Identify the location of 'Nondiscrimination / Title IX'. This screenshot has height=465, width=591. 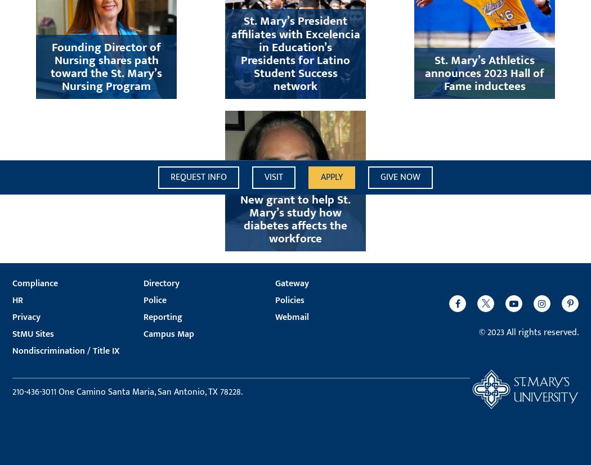
(65, 350).